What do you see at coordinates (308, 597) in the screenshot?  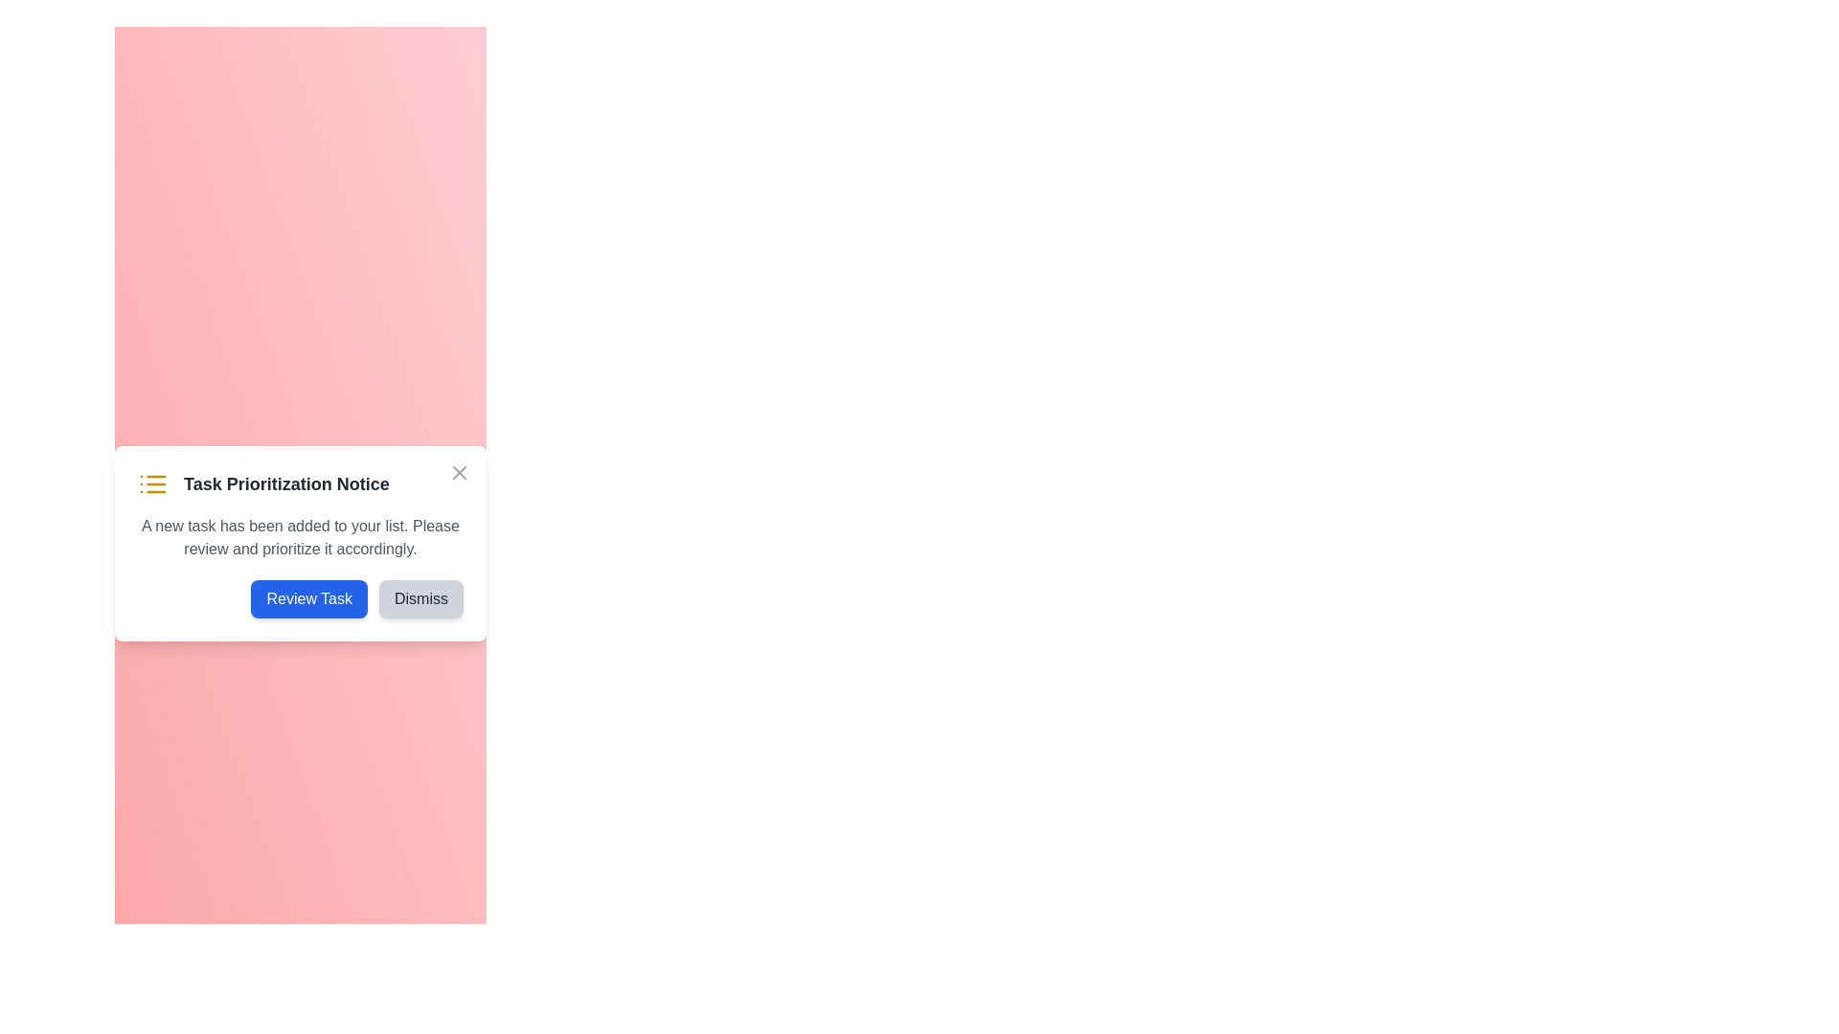 I see `'Review Task' button to trigger the review action` at bounding box center [308, 597].